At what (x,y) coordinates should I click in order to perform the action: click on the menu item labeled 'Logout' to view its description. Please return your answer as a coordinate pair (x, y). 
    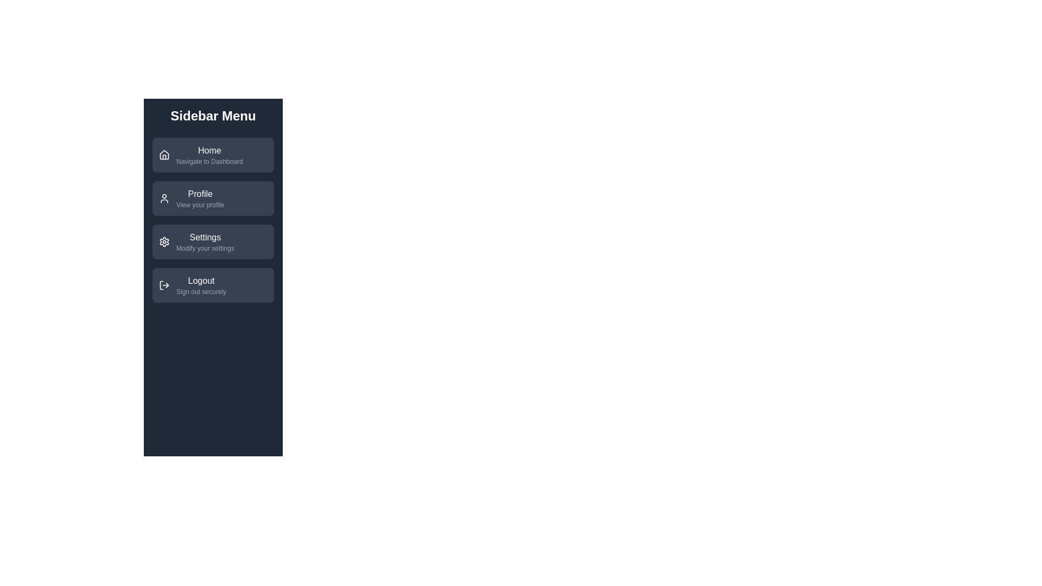
    Looking at the image, I should click on (213, 284).